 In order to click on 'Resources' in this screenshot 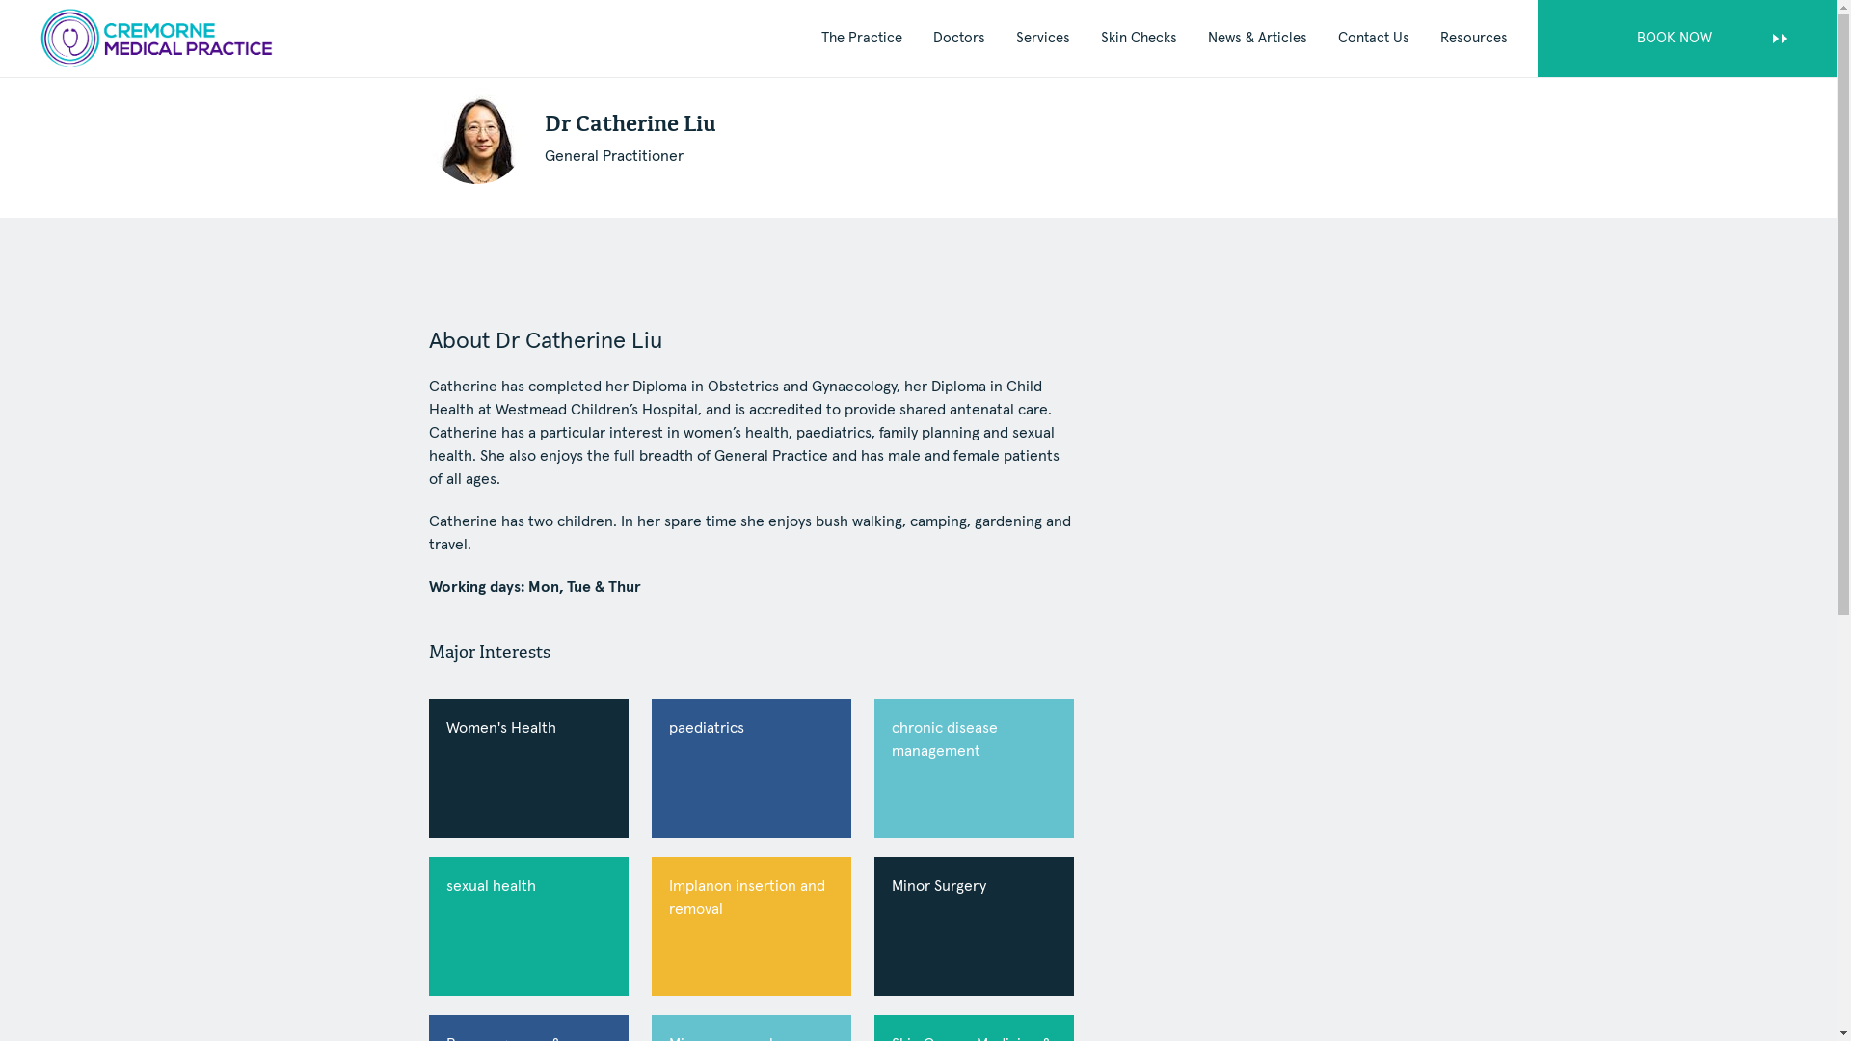, I will do `click(1473, 39)`.